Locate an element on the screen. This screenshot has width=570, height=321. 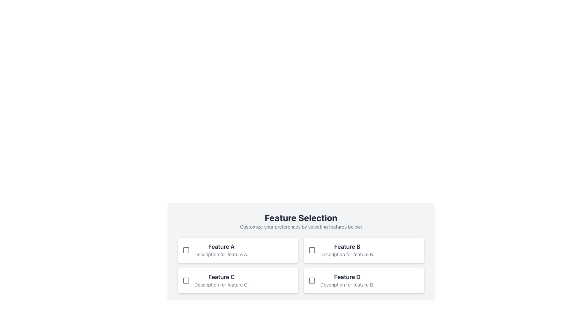
the checkbox element located at the center of the bottom-right option labeled 'Feature D' is located at coordinates (312, 281).